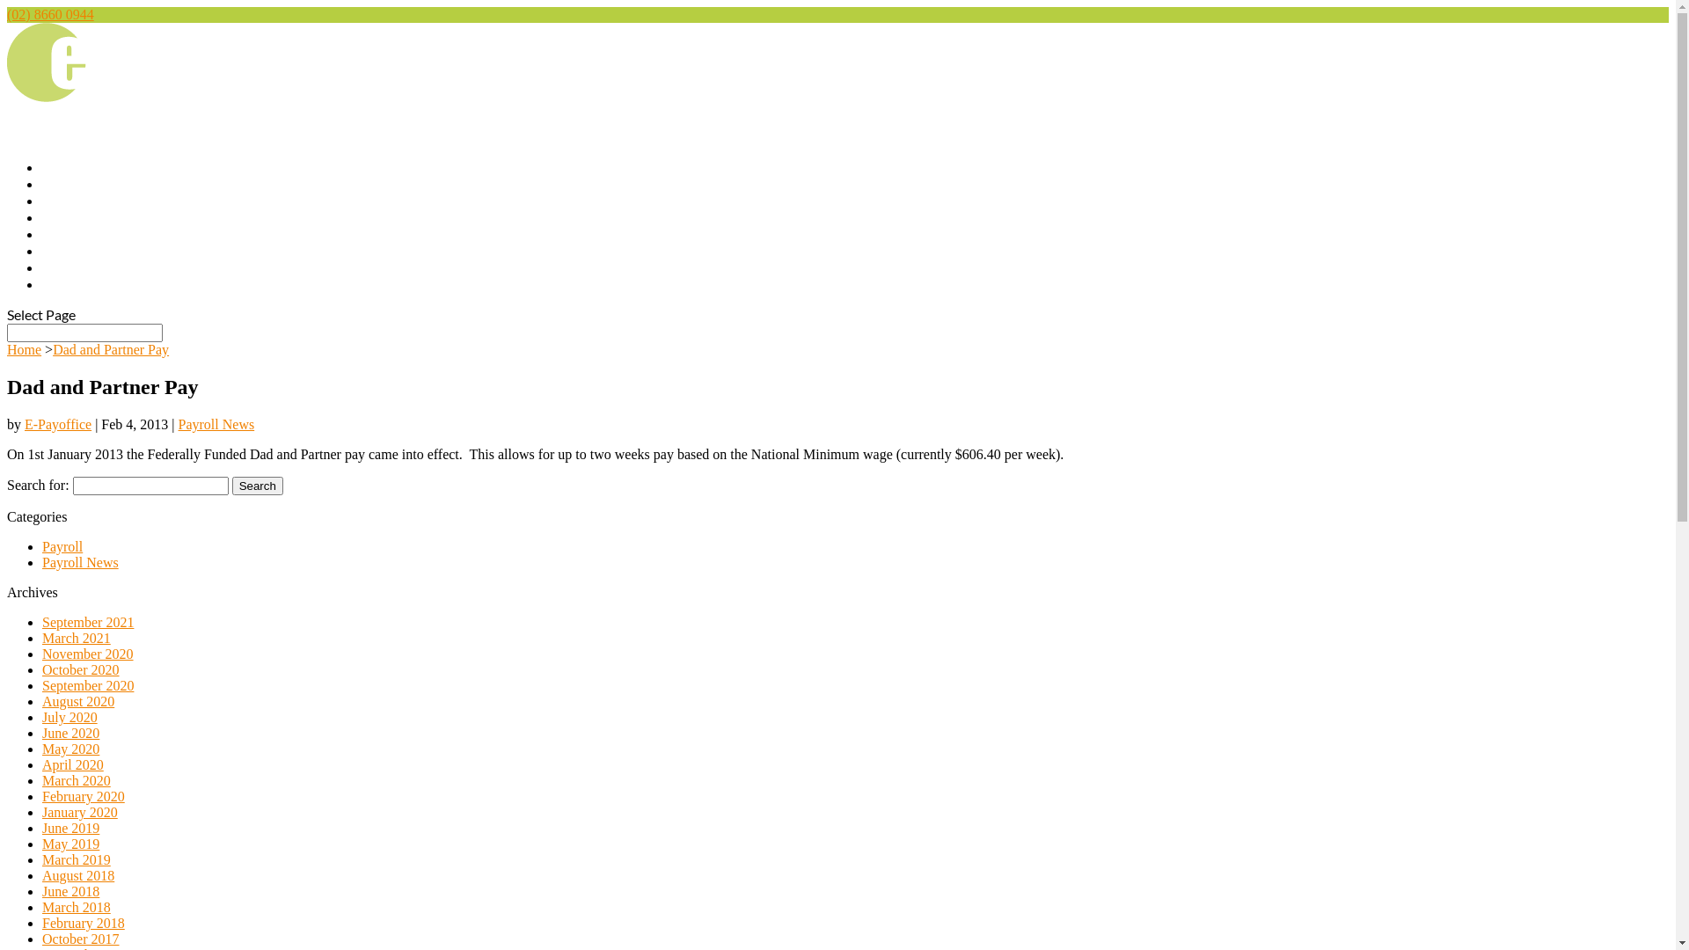  Describe the element at coordinates (87, 621) in the screenshot. I see `'September 2021'` at that location.